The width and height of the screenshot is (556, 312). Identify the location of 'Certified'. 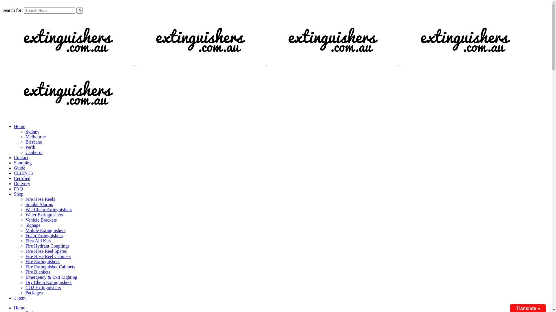
(22, 178).